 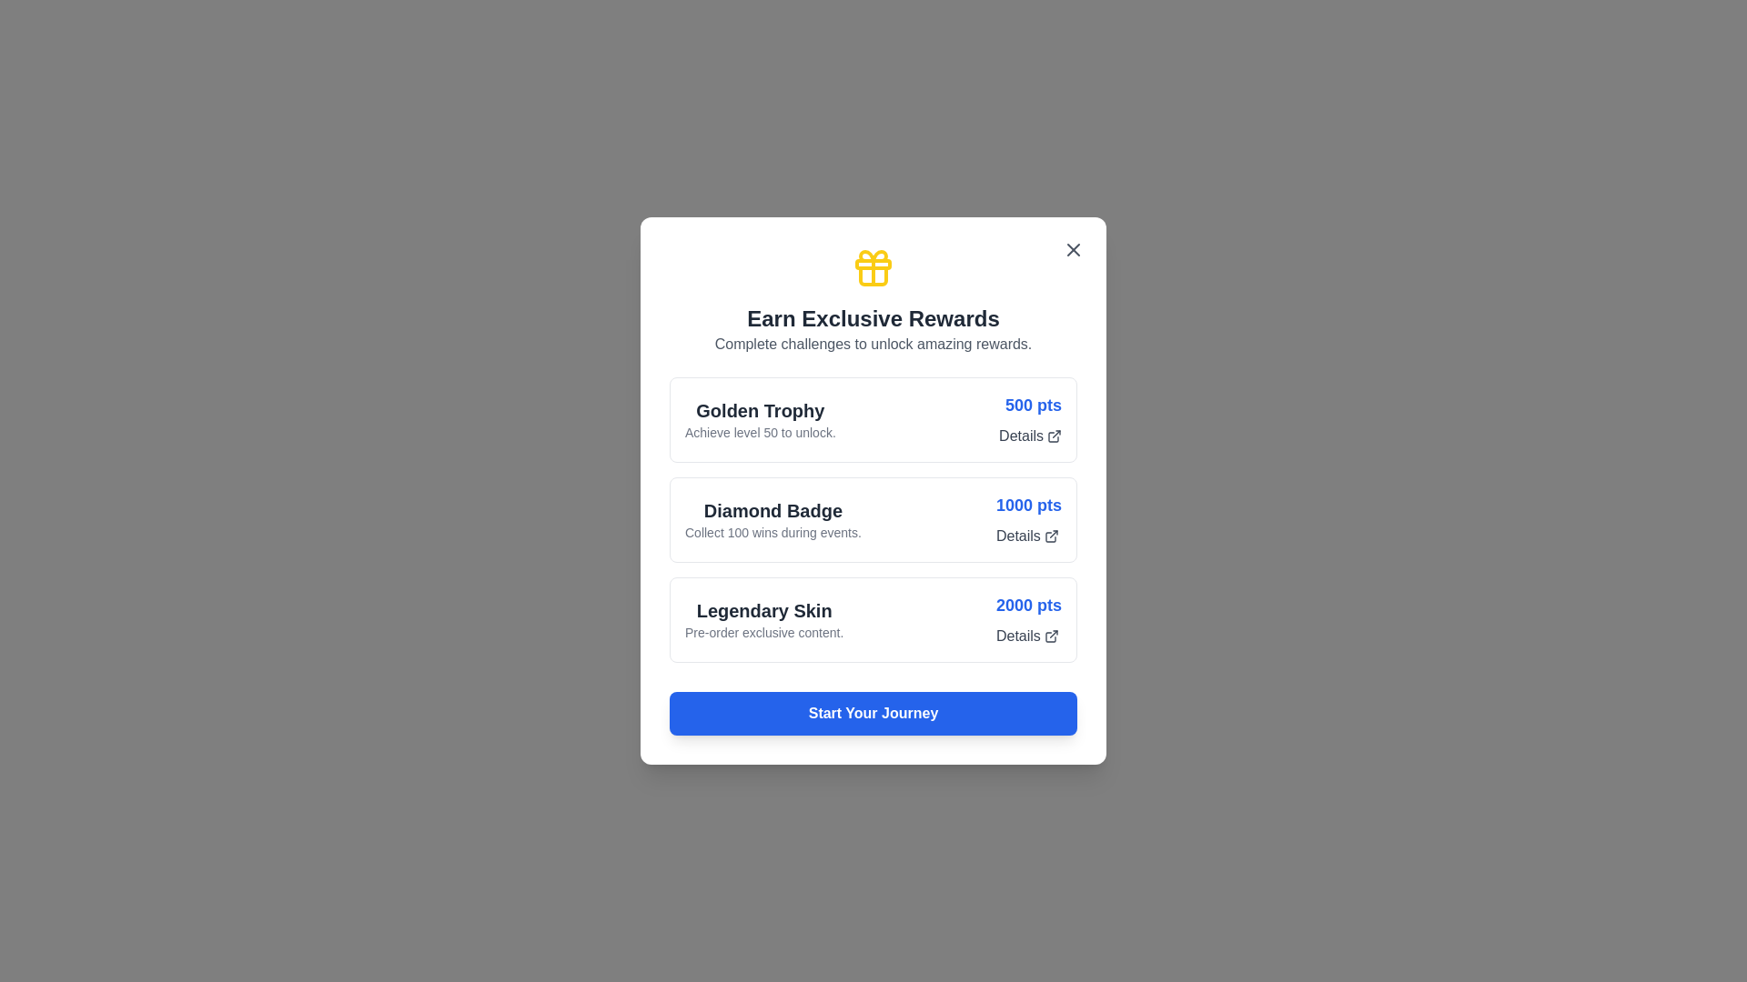 I want to click on descriptive text beneath the bold title 'Golden Trophy', which states 'Achieve level 50 to unlock.', so click(x=760, y=432).